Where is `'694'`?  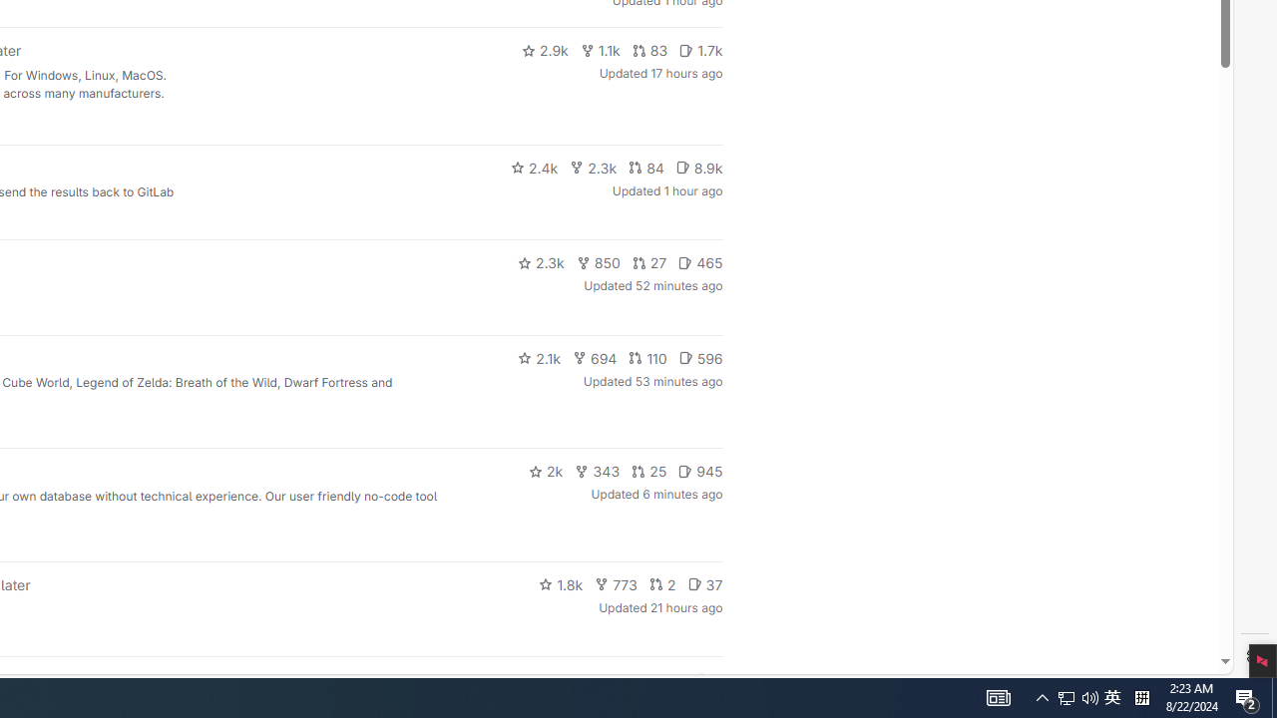 '694' is located at coordinates (594, 356).